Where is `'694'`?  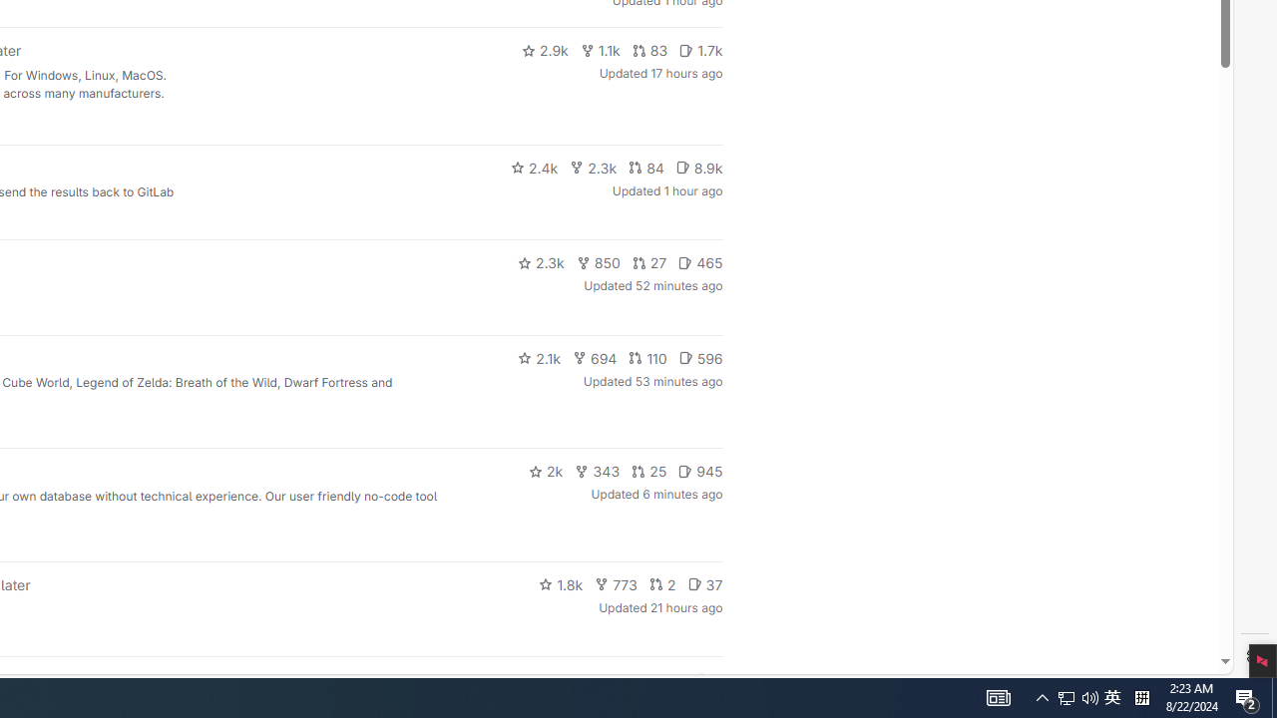 '694' is located at coordinates (594, 356).